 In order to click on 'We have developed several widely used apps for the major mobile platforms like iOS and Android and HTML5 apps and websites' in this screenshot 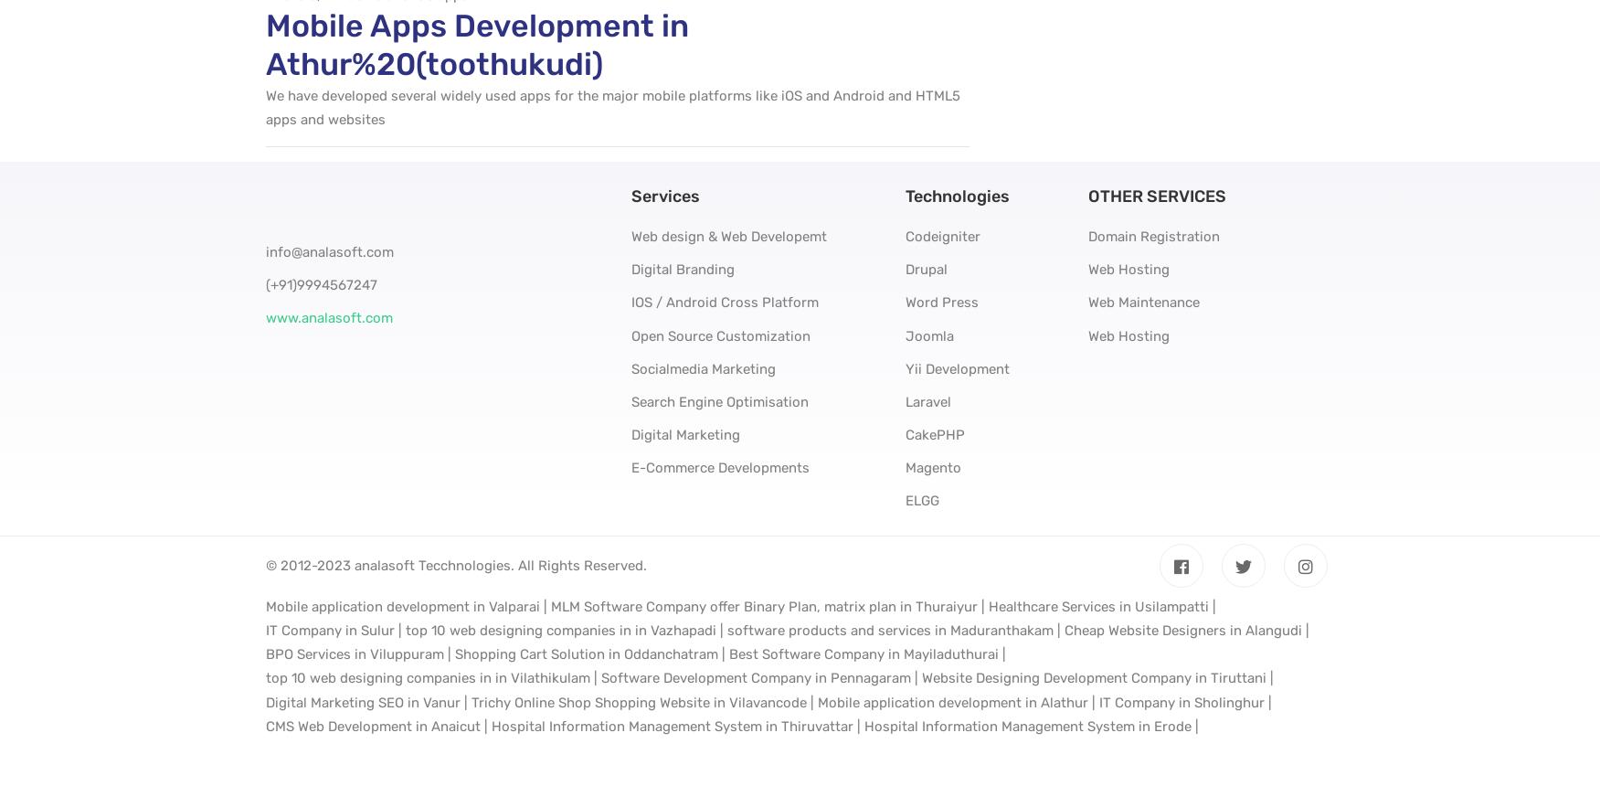, I will do `click(610, 107)`.